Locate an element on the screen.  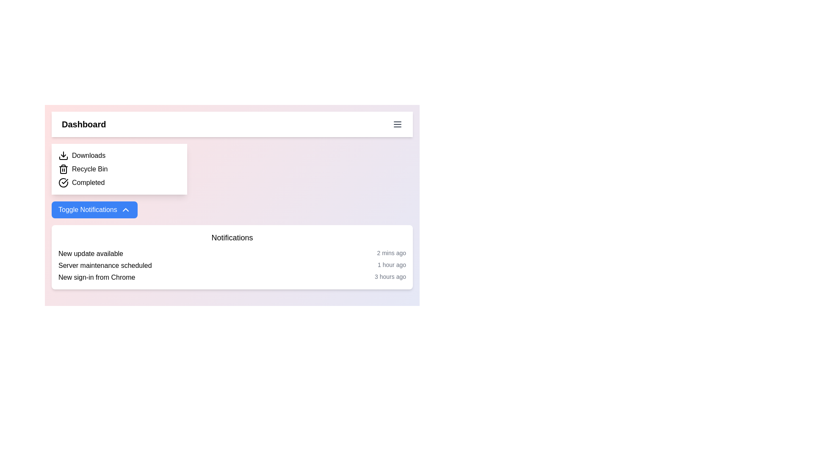
the individual notification items in the Notifications panel, which is a rectangular box with rounded corners and a title labeled 'Notifications' at the top is located at coordinates (232, 257).